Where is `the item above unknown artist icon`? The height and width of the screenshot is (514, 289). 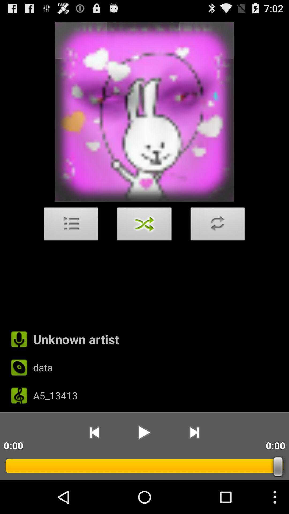
the item above unknown artist icon is located at coordinates (144, 225).